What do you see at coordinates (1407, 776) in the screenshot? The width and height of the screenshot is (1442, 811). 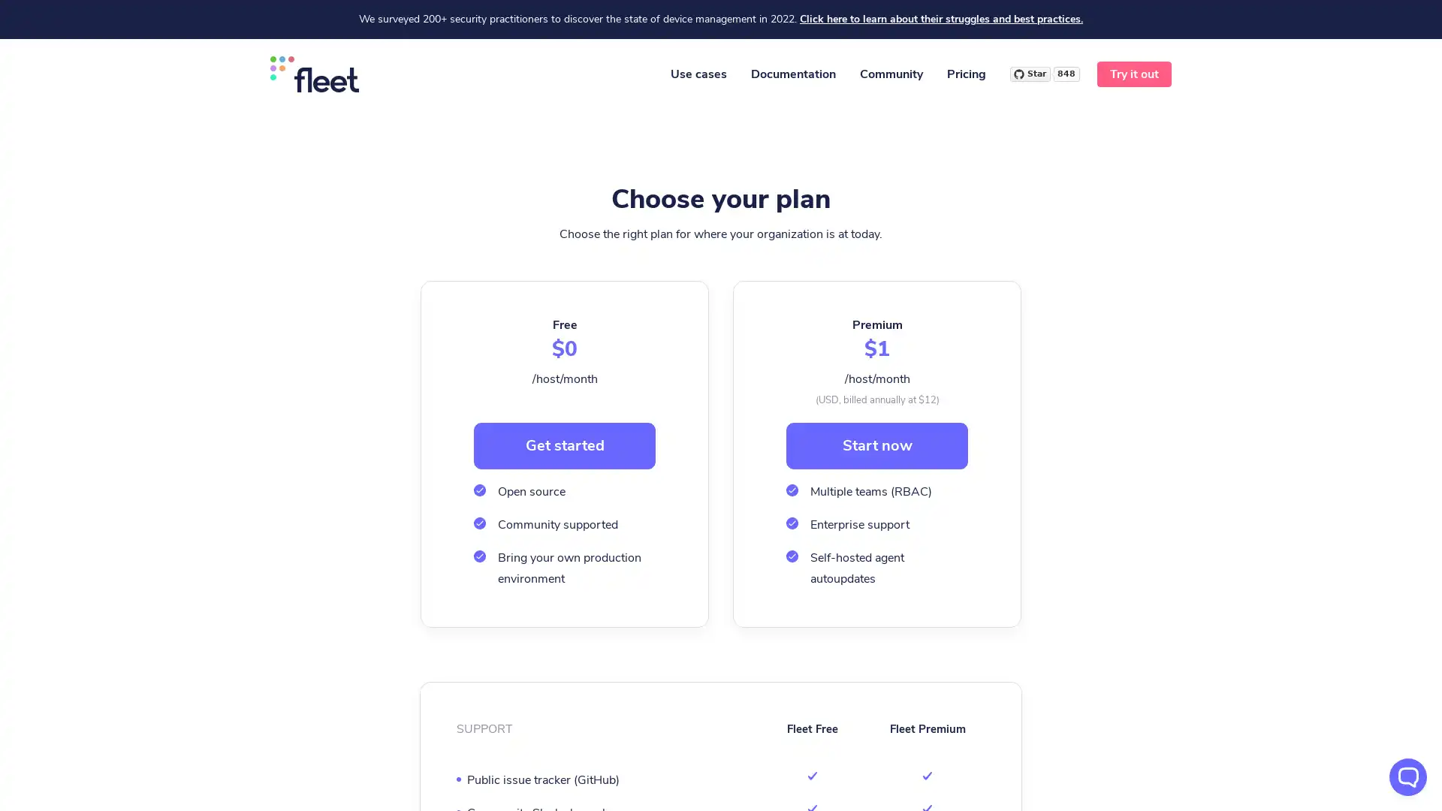 I see `Open chat widget` at bounding box center [1407, 776].